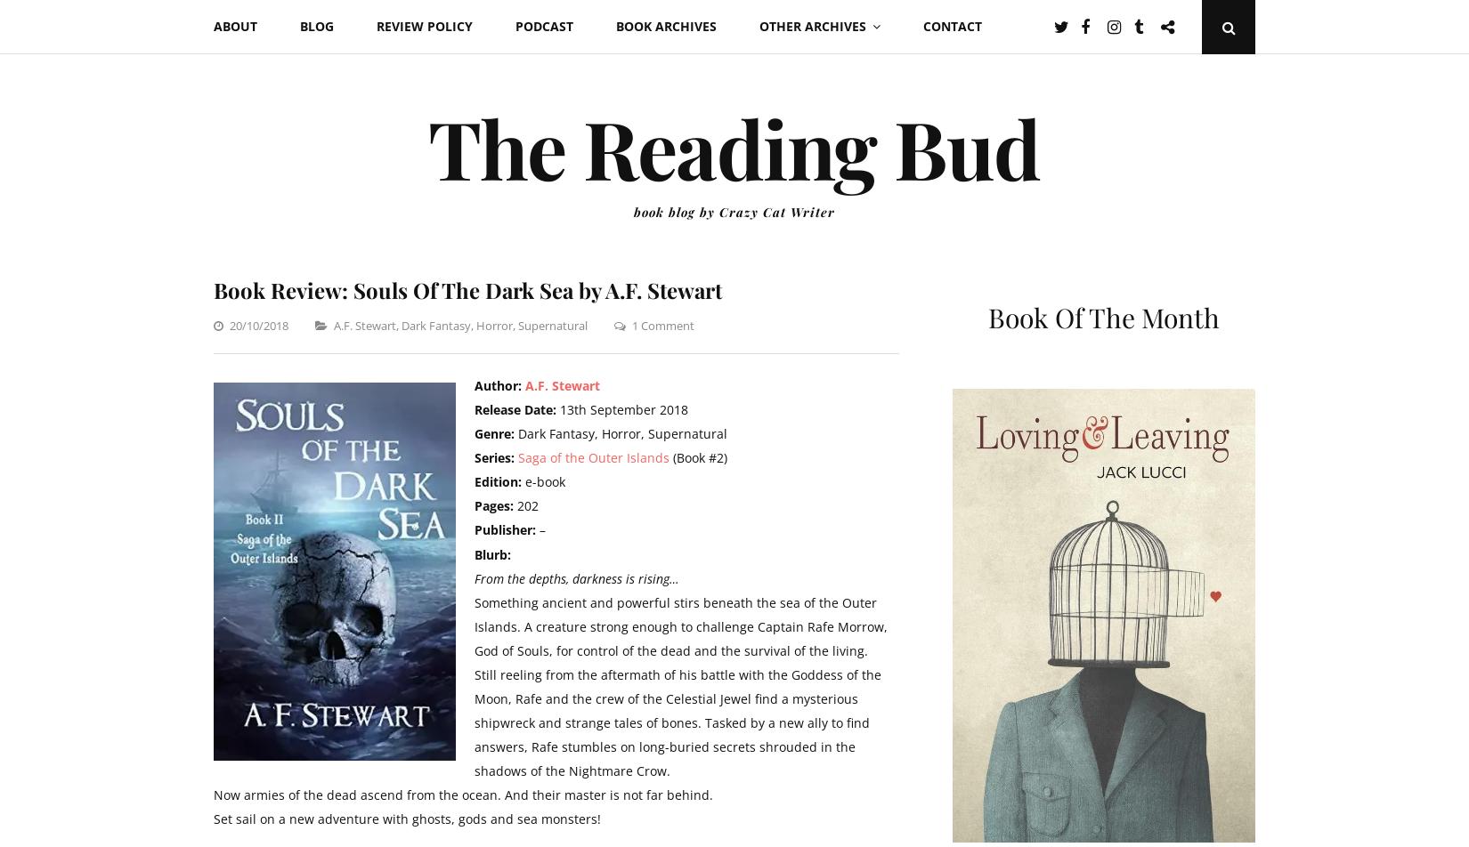  I want to click on 'Edition:', so click(473, 481).